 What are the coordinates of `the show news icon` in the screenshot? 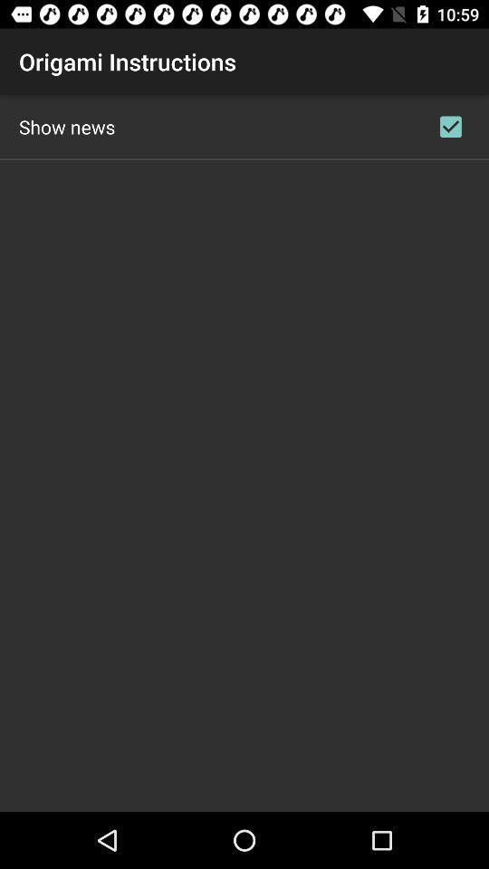 It's located at (66, 126).